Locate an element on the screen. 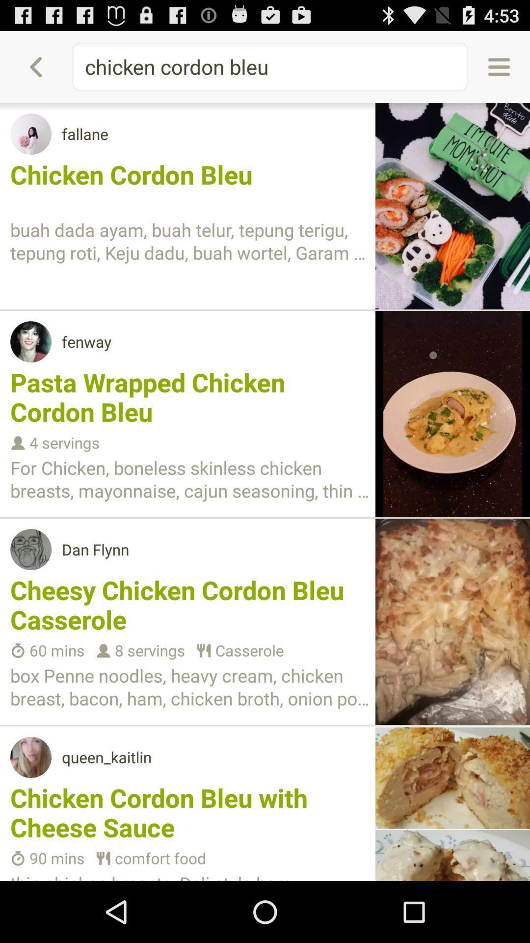 This screenshot has width=530, height=943. item next to chicken cordon bleu is located at coordinates (499, 66).